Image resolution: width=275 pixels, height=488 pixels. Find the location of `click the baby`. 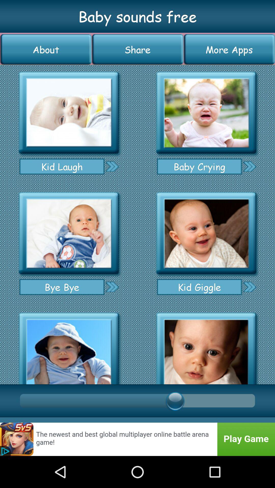

click the baby is located at coordinates (206, 113).